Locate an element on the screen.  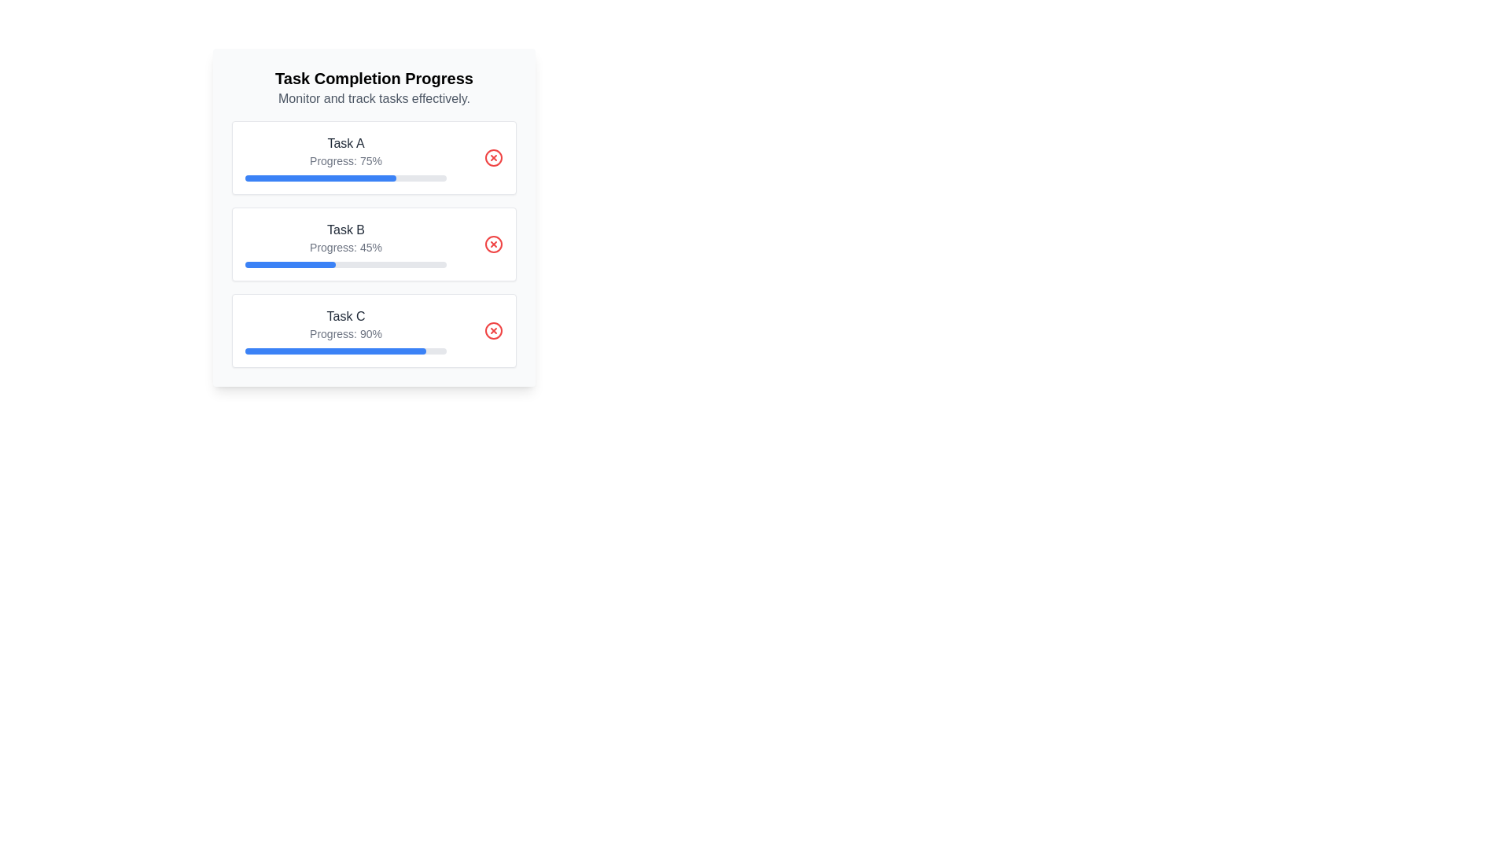
the text label that reads 'Monitor and track tasks effectively.', which is styled in gray and located under the title 'Task Completion Progress' is located at coordinates (373, 99).